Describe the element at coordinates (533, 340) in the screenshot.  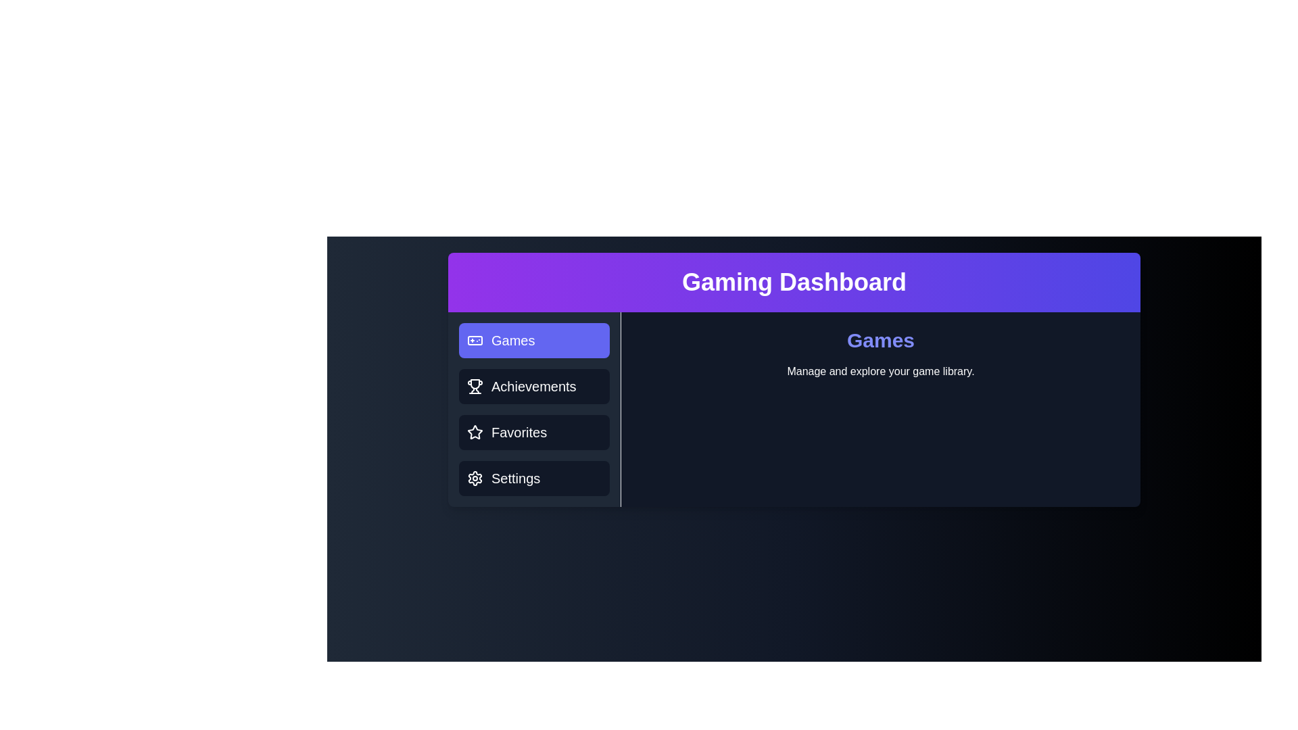
I see `the Games tab to switch the active view` at that location.